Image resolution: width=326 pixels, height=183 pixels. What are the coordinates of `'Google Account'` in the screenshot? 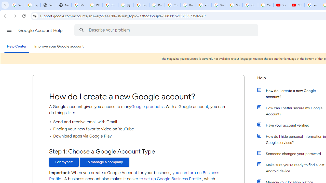 It's located at (250, 5).